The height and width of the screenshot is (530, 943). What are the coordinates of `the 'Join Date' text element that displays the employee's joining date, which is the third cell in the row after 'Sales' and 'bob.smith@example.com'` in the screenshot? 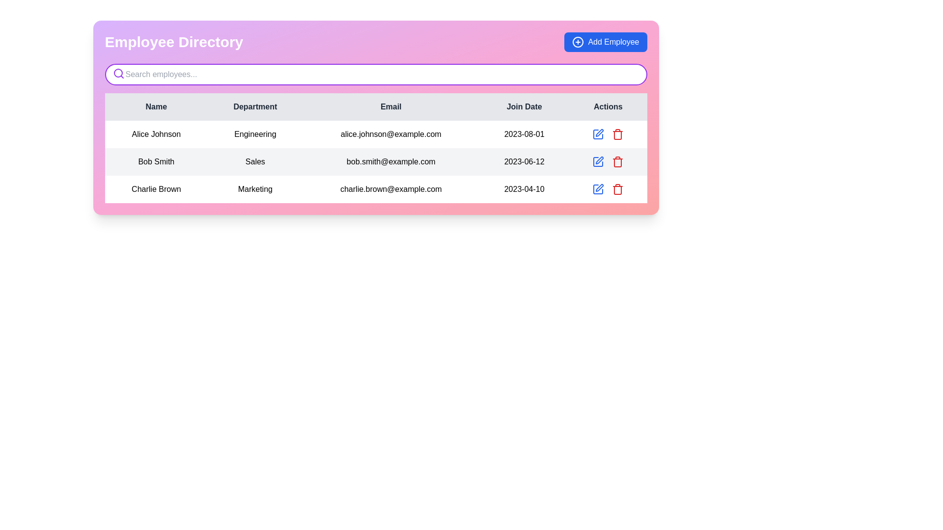 It's located at (524, 161).